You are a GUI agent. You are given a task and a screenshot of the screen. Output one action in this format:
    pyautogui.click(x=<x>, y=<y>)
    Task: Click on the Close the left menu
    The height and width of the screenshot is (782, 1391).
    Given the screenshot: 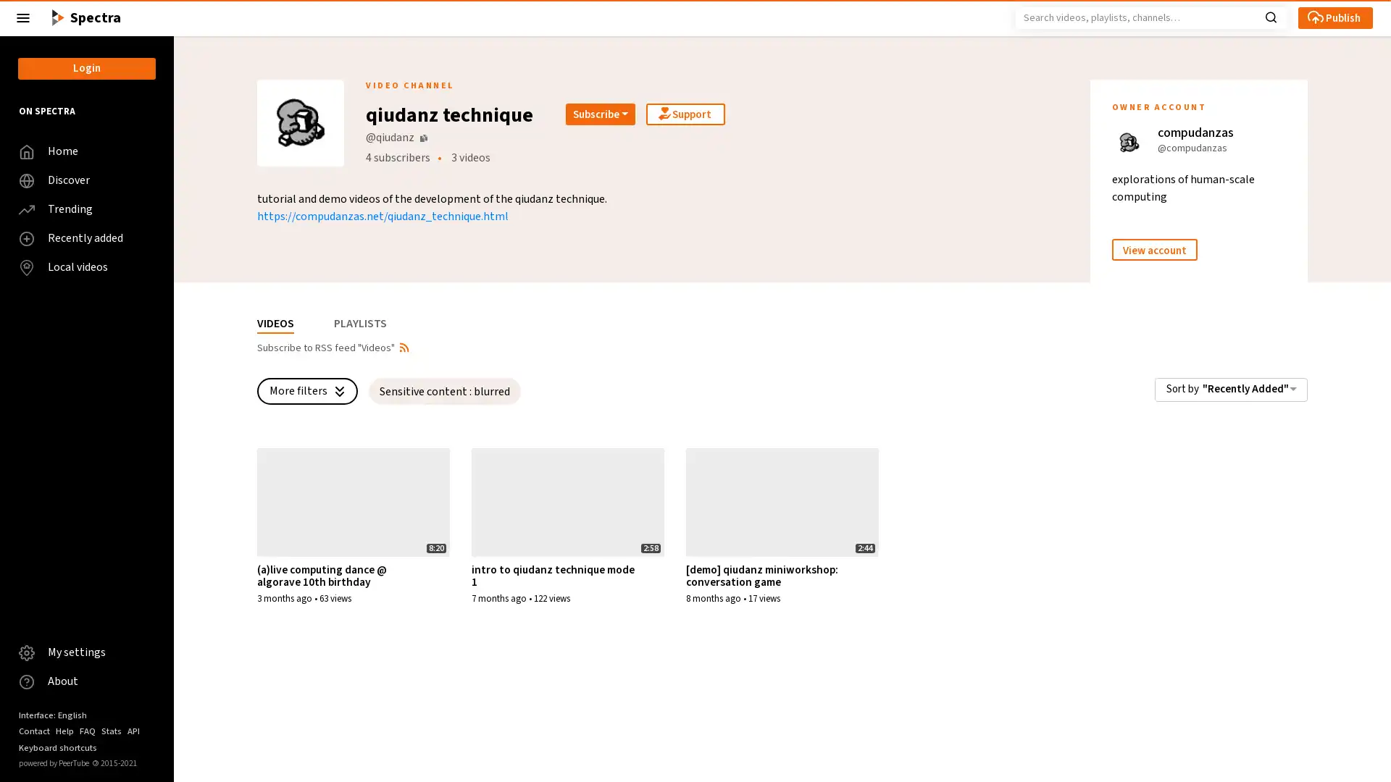 What is the action you would take?
    pyautogui.click(x=23, y=17)
    